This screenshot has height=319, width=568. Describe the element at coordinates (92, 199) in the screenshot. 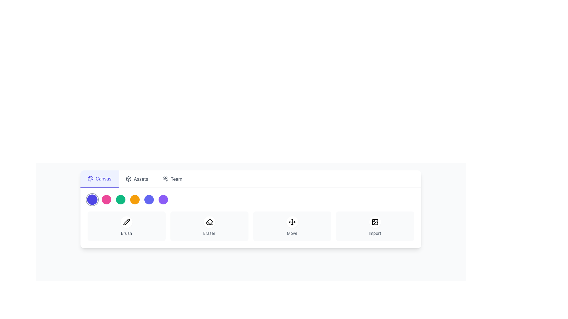

I see `the first circular button in the sequence of six horizontally arranged UI components` at that location.